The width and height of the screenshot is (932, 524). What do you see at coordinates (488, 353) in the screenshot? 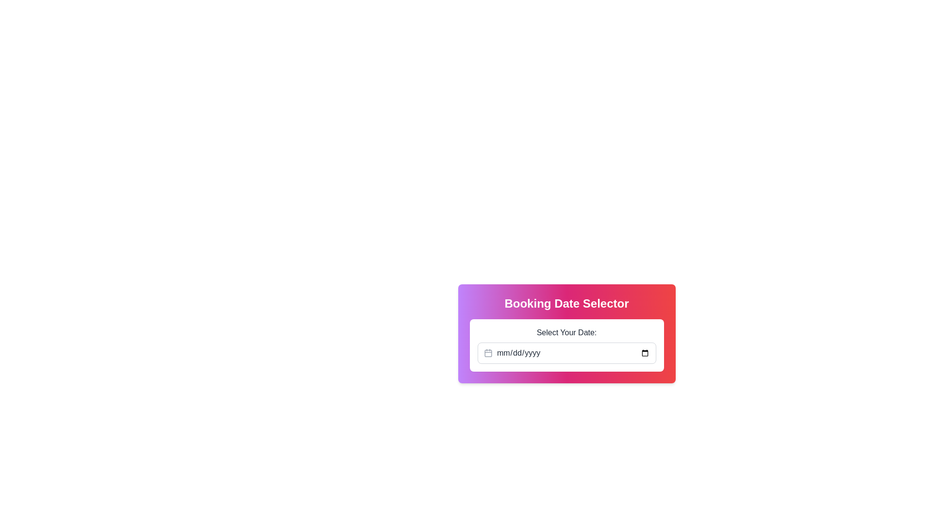
I see `the small calendar icon located on the left side of the 'mm/dd/yyyy' text input in the 'Booking Date Selector' interface` at bounding box center [488, 353].